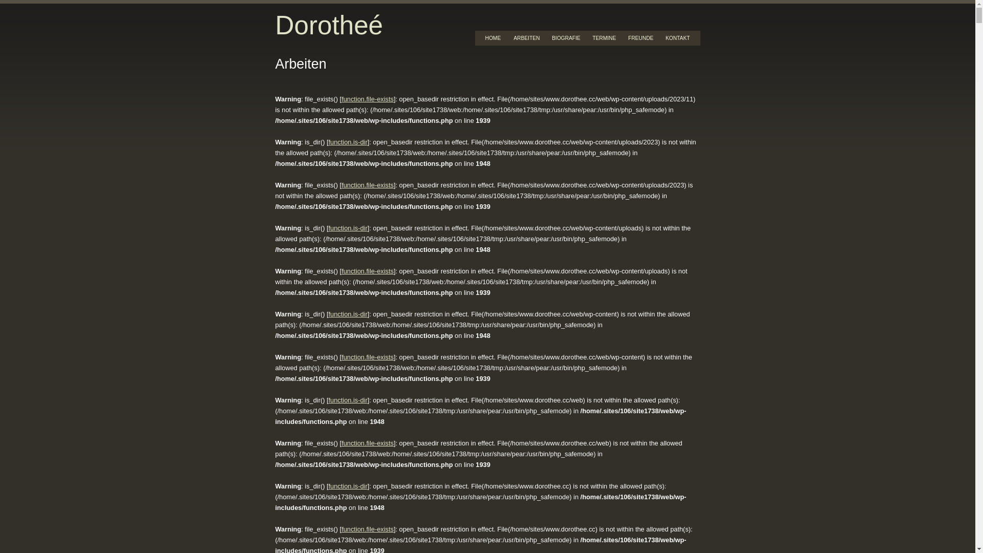  Describe the element at coordinates (565, 37) in the screenshot. I see `'BIOGRAFIE'` at that location.